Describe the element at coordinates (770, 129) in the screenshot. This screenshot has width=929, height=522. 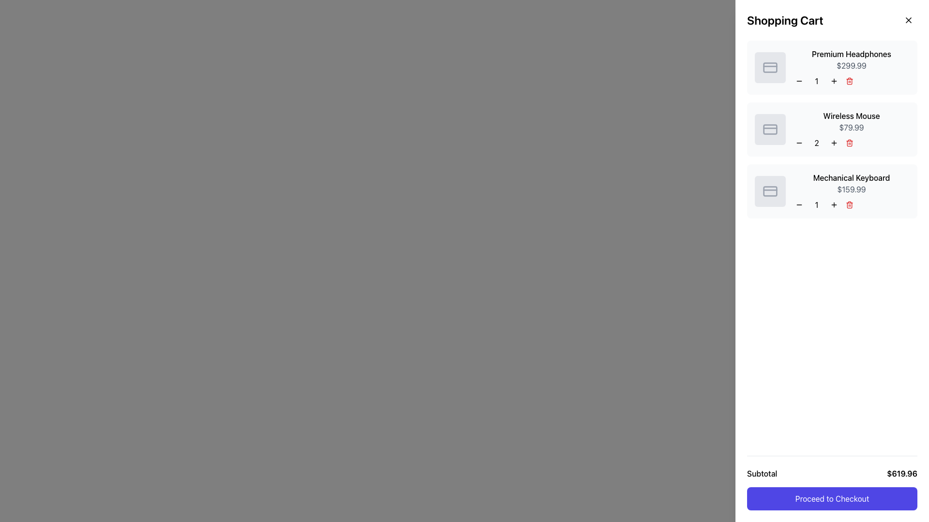
I see `the shopping cart icon, which is a visual identifier for items in the cart, located within a grey, rounded, square-shaped button that is the second item in a vertical list of three items` at that location.